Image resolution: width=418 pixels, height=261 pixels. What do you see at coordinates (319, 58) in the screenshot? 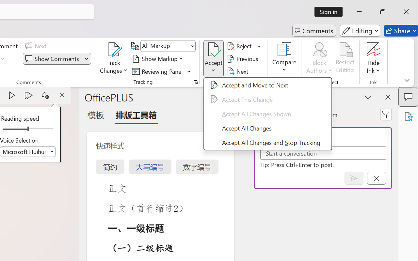
I see `'Block Authors'` at bounding box center [319, 58].